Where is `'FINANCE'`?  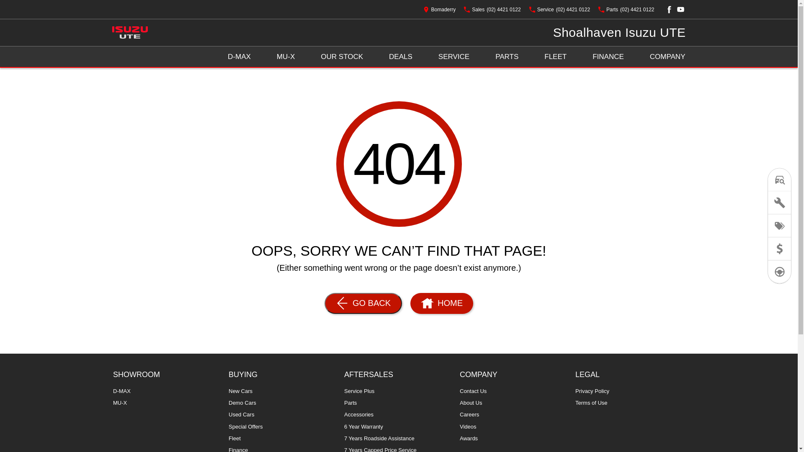 'FINANCE' is located at coordinates (608, 56).